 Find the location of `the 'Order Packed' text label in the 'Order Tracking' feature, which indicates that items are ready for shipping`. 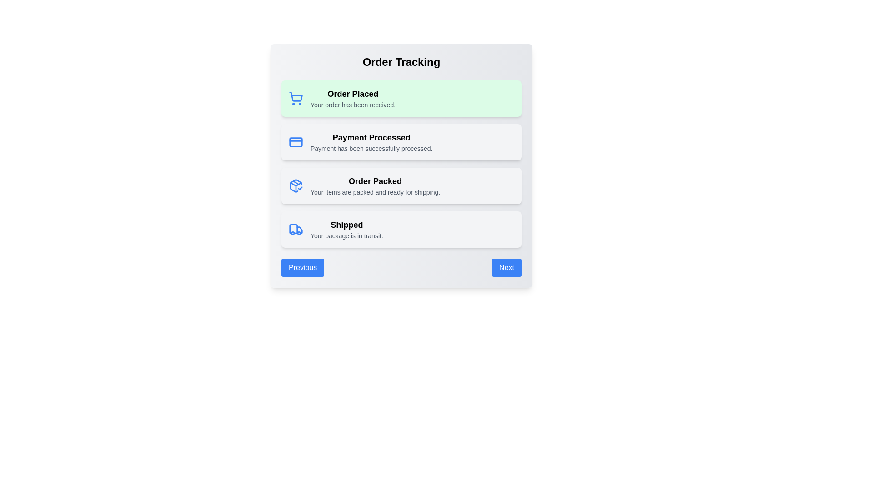

the 'Order Packed' text label in the 'Order Tracking' feature, which indicates that items are ready for shipping is located at coordinates (375, 181).